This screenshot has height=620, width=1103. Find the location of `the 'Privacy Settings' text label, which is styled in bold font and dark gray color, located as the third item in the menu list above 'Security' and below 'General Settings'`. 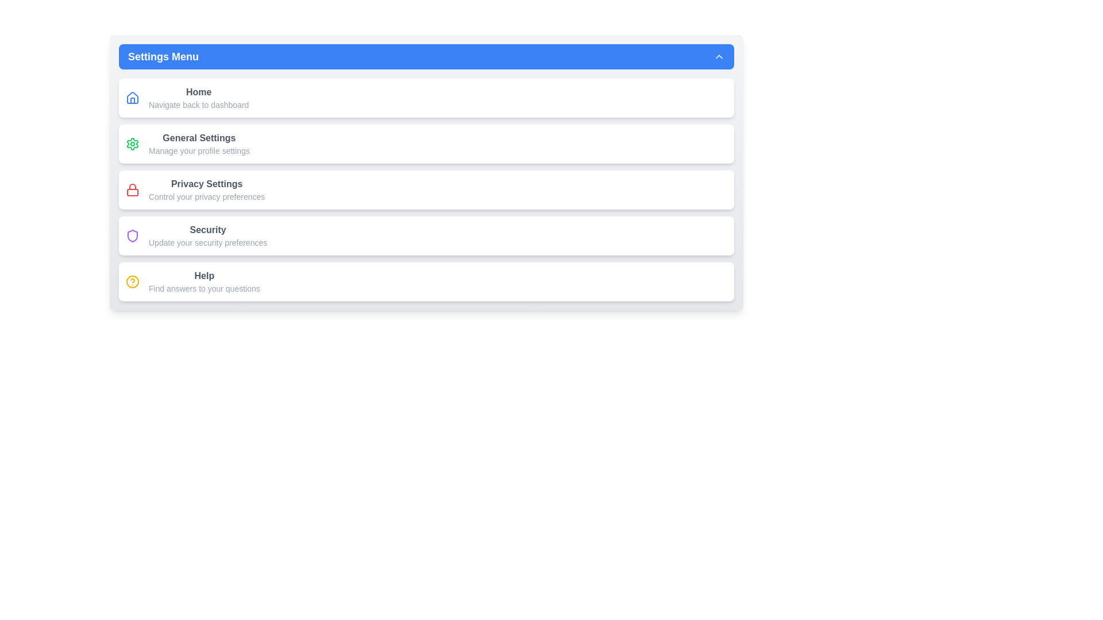

the 'Privacy Settings' text label, which is styled in bold font and dark gray color, located as the third item in the menu list above 'Security' and below 'General Settings' is located at coordinates (207, 183).